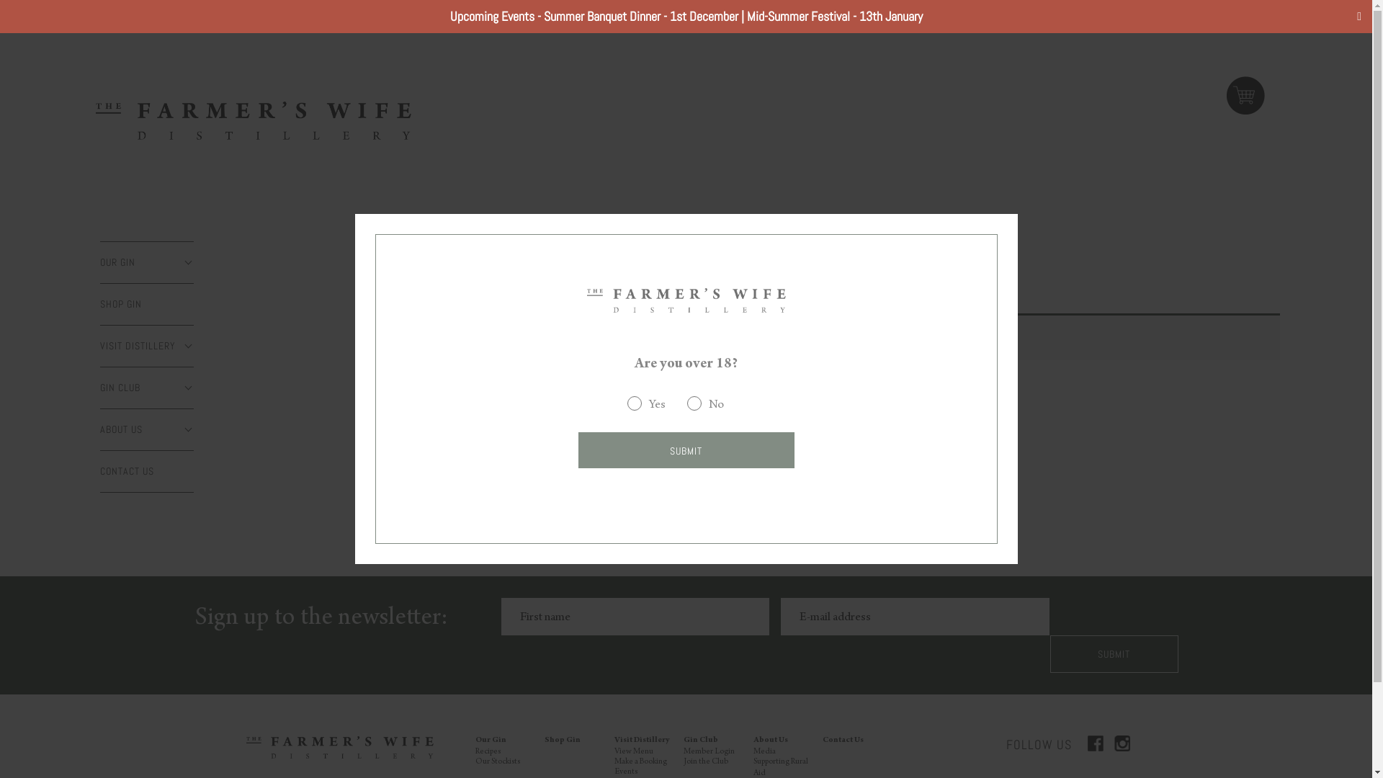  What do you see at coordinates (770, 741) in the screenshot?
I see `'About Us'` at bounding box center [770, 741].